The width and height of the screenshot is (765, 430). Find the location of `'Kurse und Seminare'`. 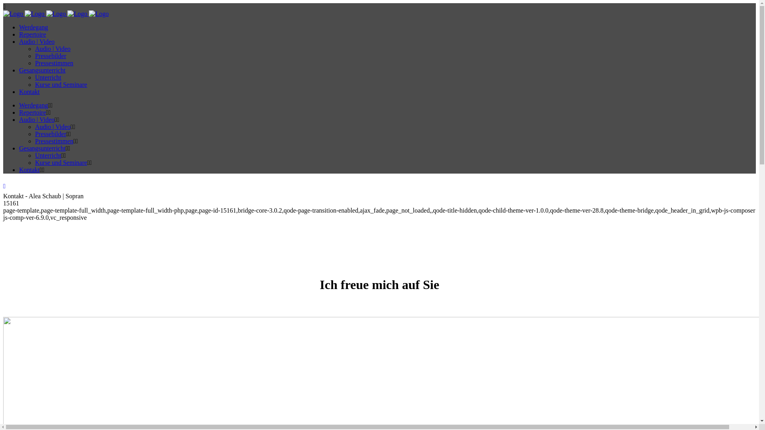

'Kurse und Seminare' is located at coordinates (61, 162).